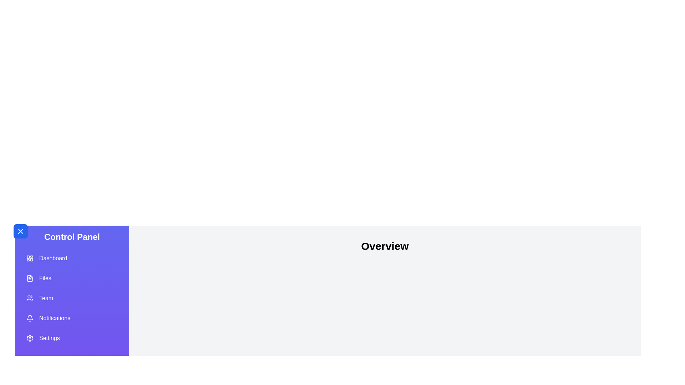 The height and width of the screenshot is (385, 685). What do you see at coordinates (72, 278) in the screenshot?
I see `the menu item labeled Files from the list` at bounding box center [72, 278].